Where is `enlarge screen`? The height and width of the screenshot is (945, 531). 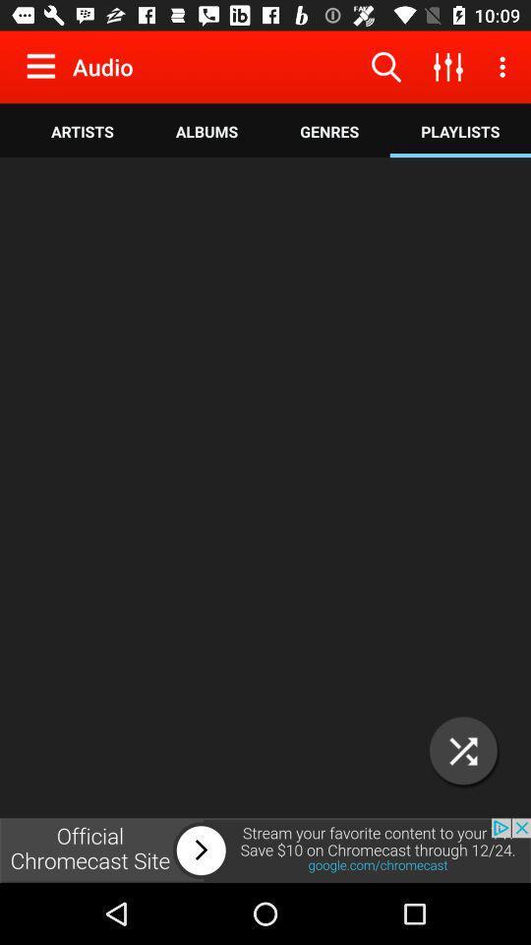 enlarge screen is located at coordinates (463, 750).